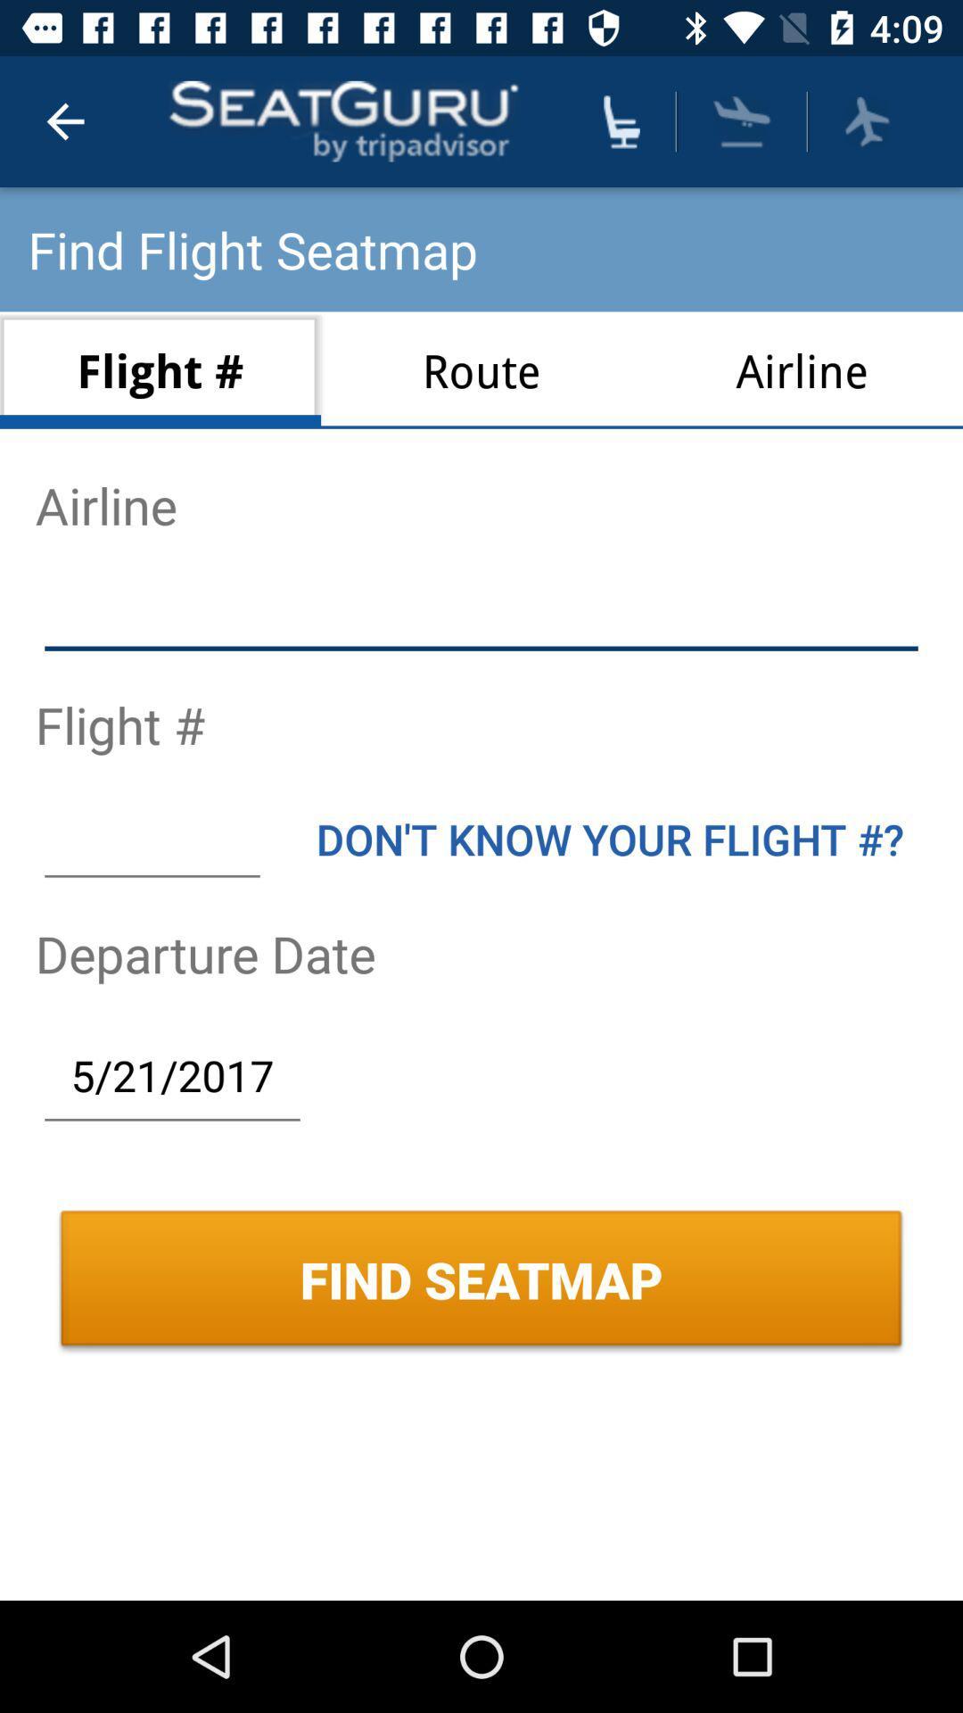  I want to click on the route, so click(481, 369).